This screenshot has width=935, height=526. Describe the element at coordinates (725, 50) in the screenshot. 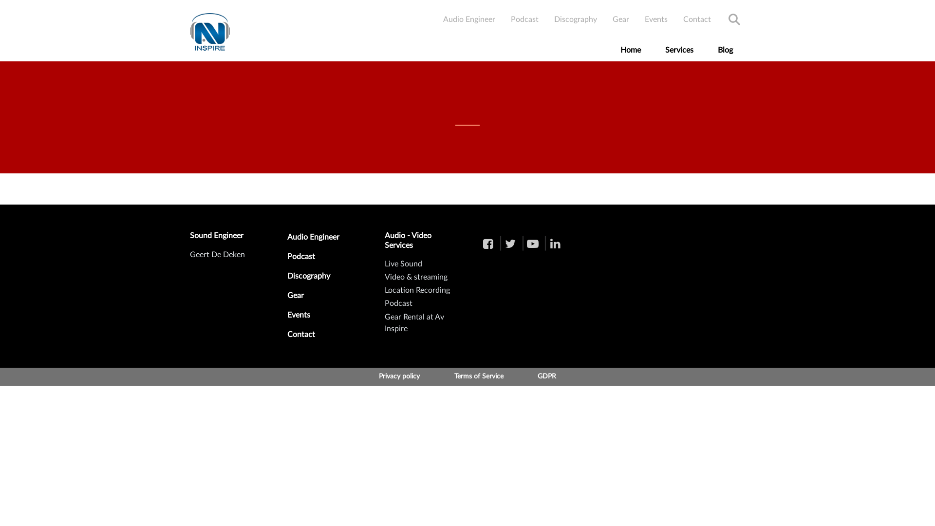

I see `'Blog'` at that location.